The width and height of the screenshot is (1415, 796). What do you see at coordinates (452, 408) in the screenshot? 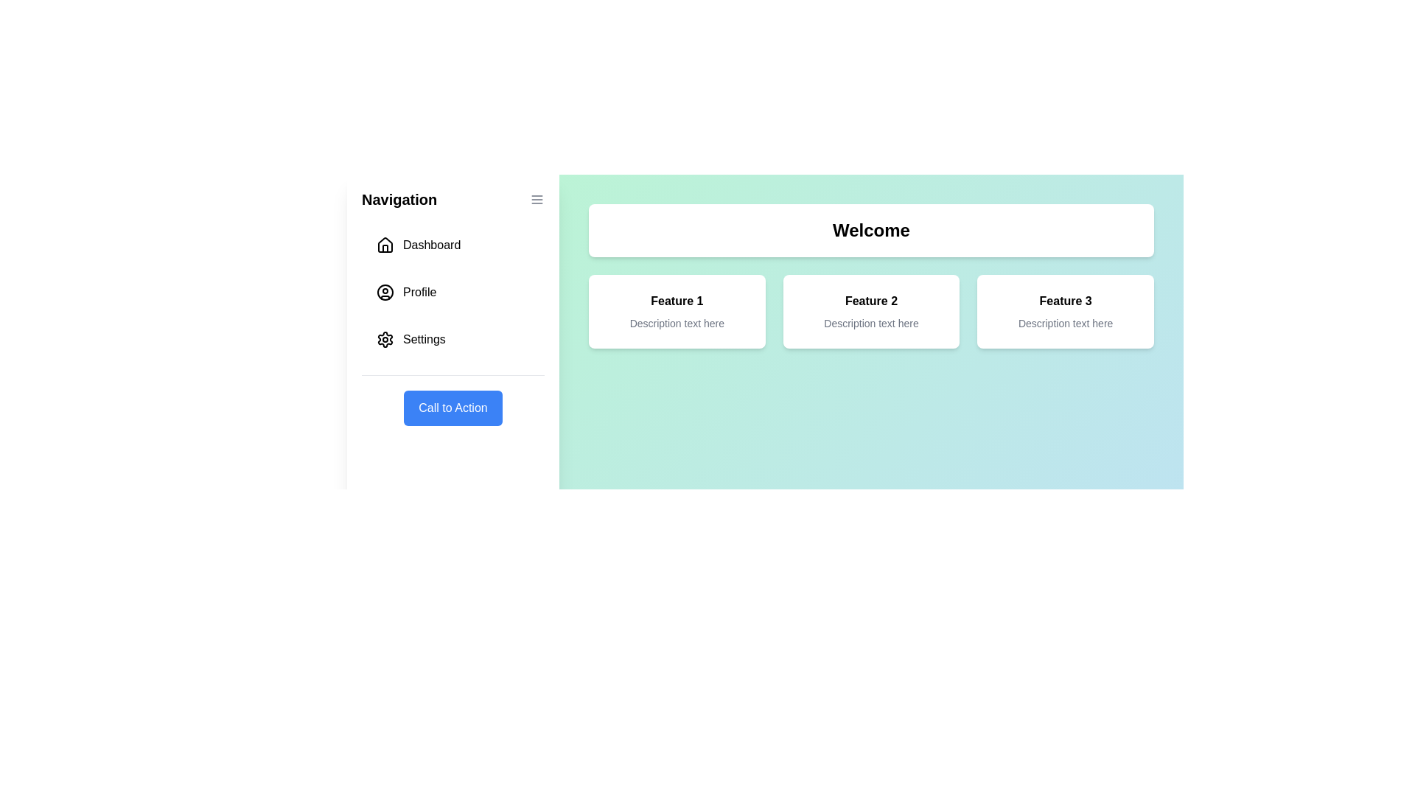
I see `the 'Call to Action' button` at bounding box center [452, 408].